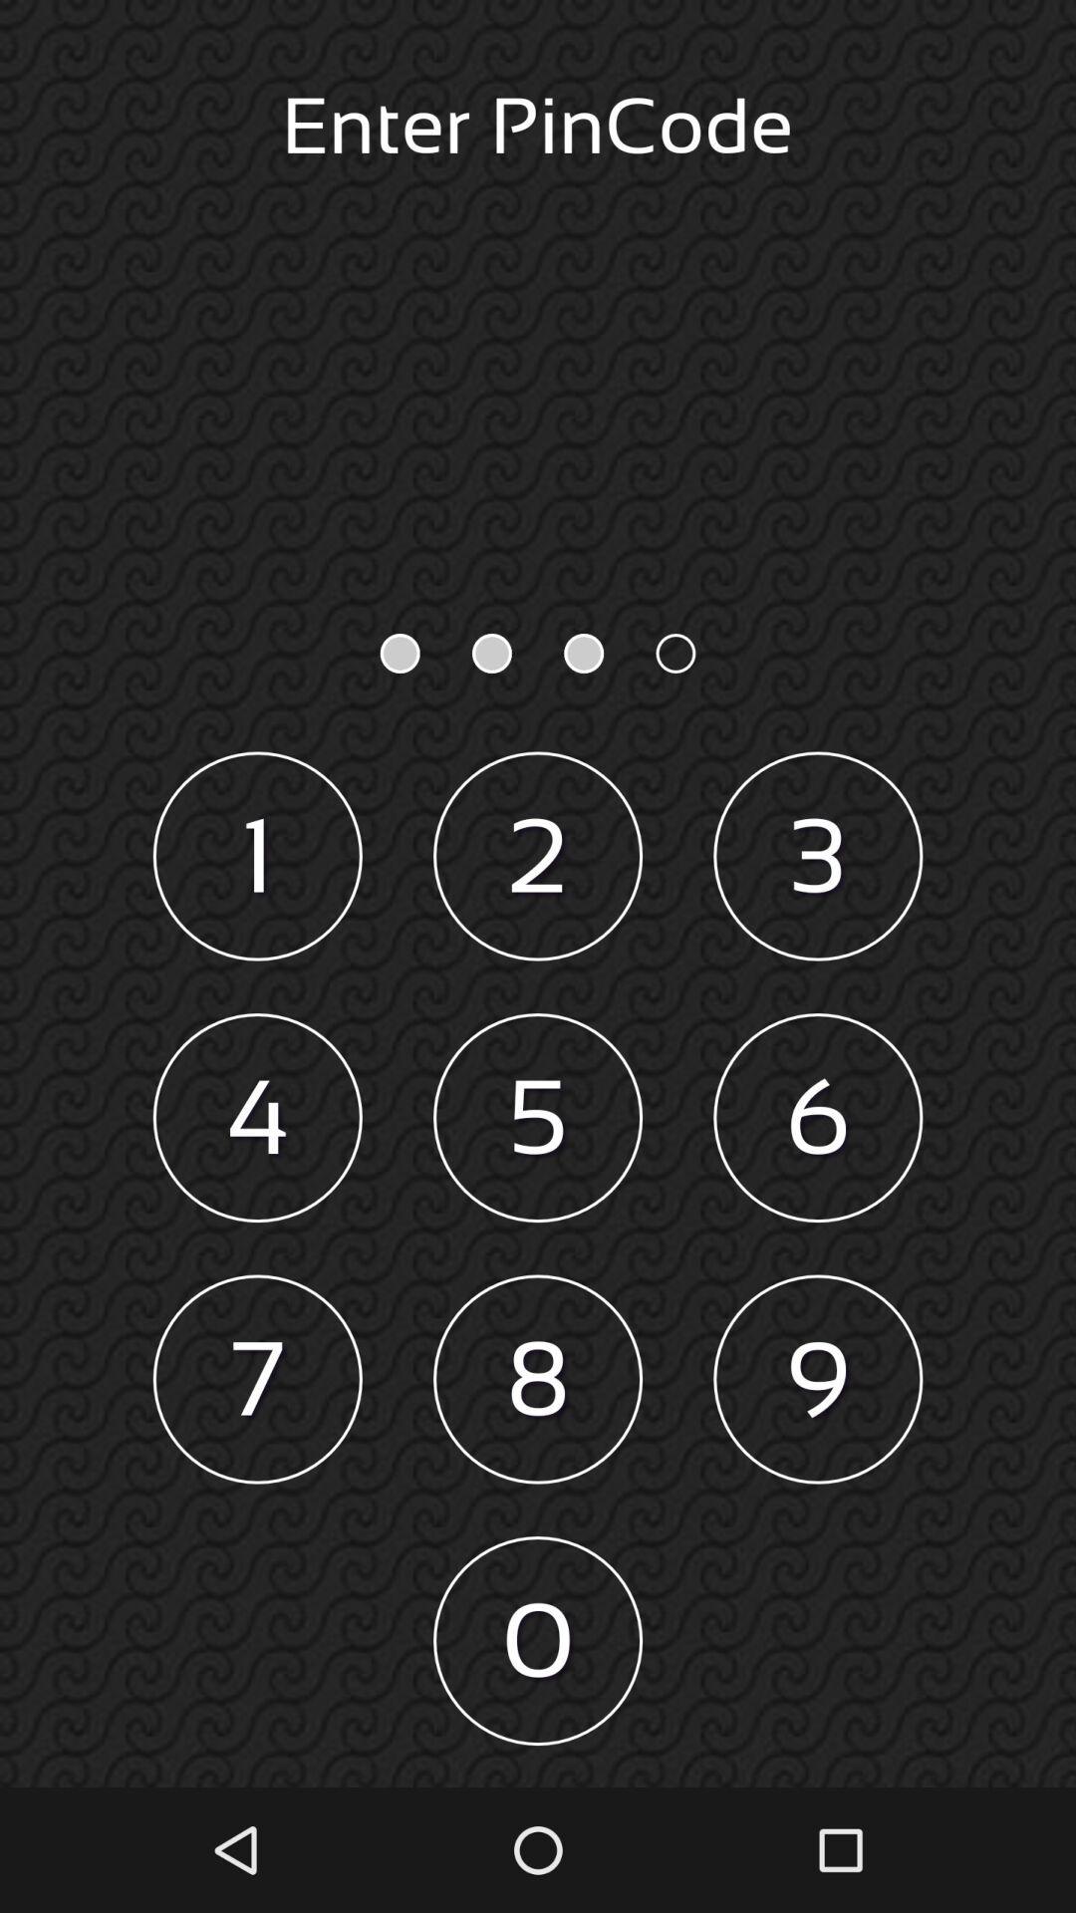  What do you see at coordinates (538, 1640) in the screenshot?
I see `0` at bounding box center [538, 1640].